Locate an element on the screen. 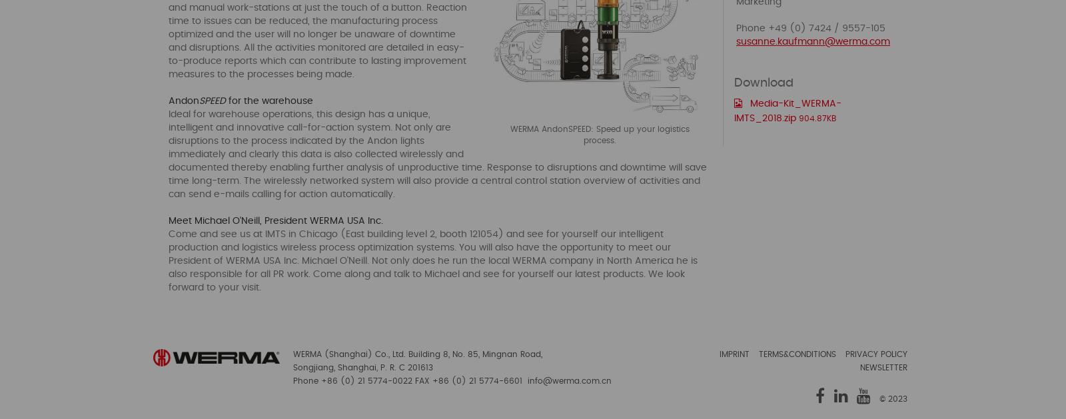 This screenshot has width=1066, height=419. 'WERMA AndonSPEED: Speed up your logistics process.' is located at coordinates (599, 133).